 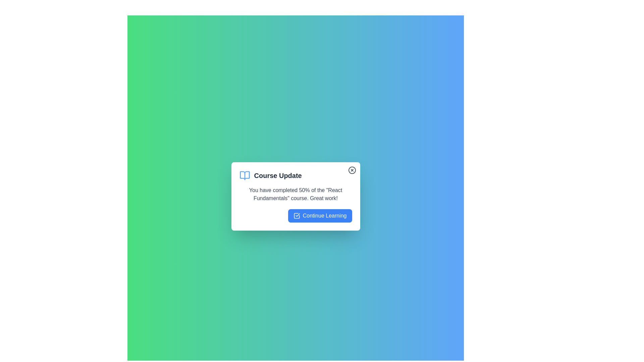 What do you see at coordinates (295, 194) in the screenshot?
I see `the static text block that reads 'You have completed 50% of the "React Fundamentals" course. Great work!' which is located centrally below the heading 'Course Update'` at bounding box center [295, 194].